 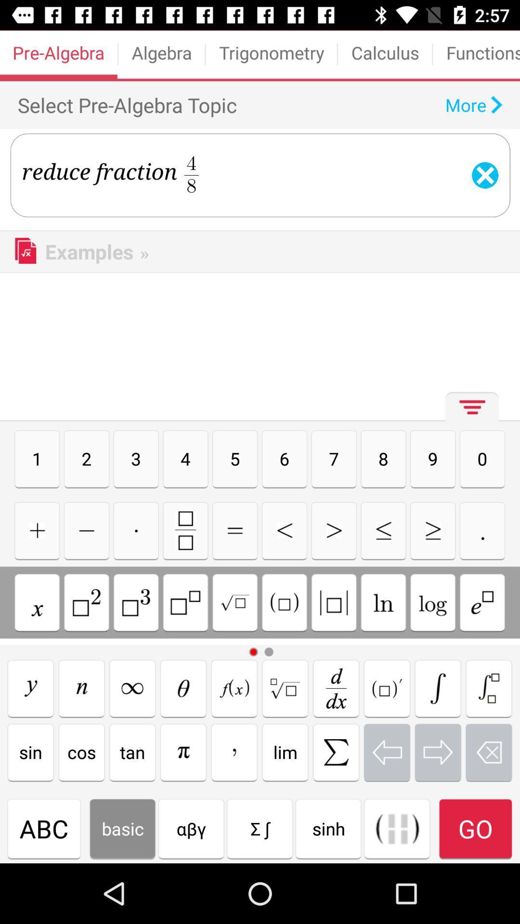 I want to click on fraction, so click(x=185, y=530).